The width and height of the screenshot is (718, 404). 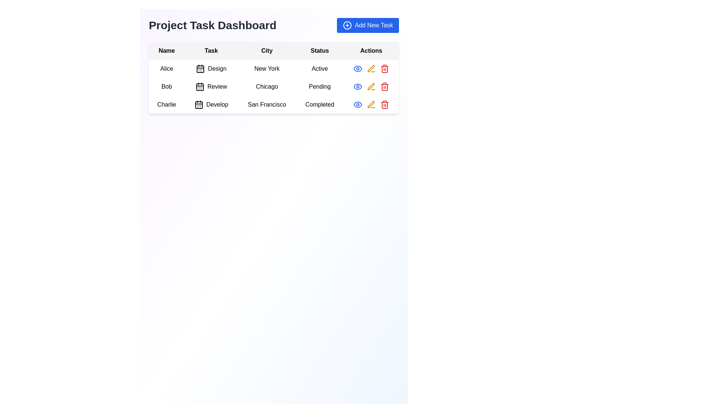 What do you see at coordinates (357, 105) in the screenshot?
I see `the 'View' button icon for the task associated with 'Charlie' in the third row under the 'Actions' column to trigger the tooltip or highlight effect` at bounding box center [357, 105].